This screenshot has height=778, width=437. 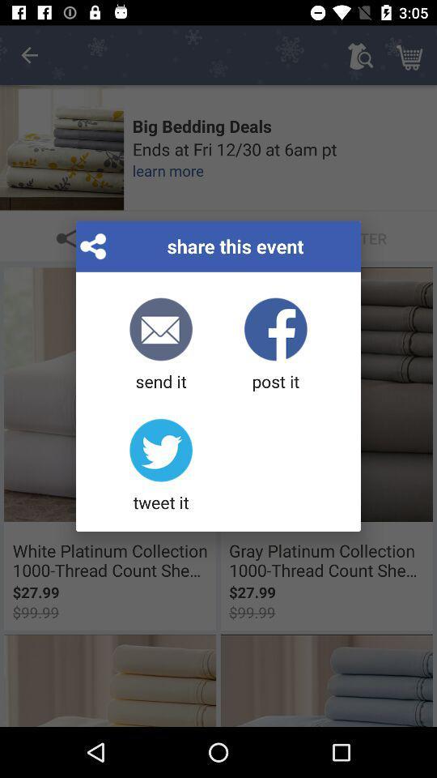 I want to click on the item next to post it icon, so click(x=161, y=345).